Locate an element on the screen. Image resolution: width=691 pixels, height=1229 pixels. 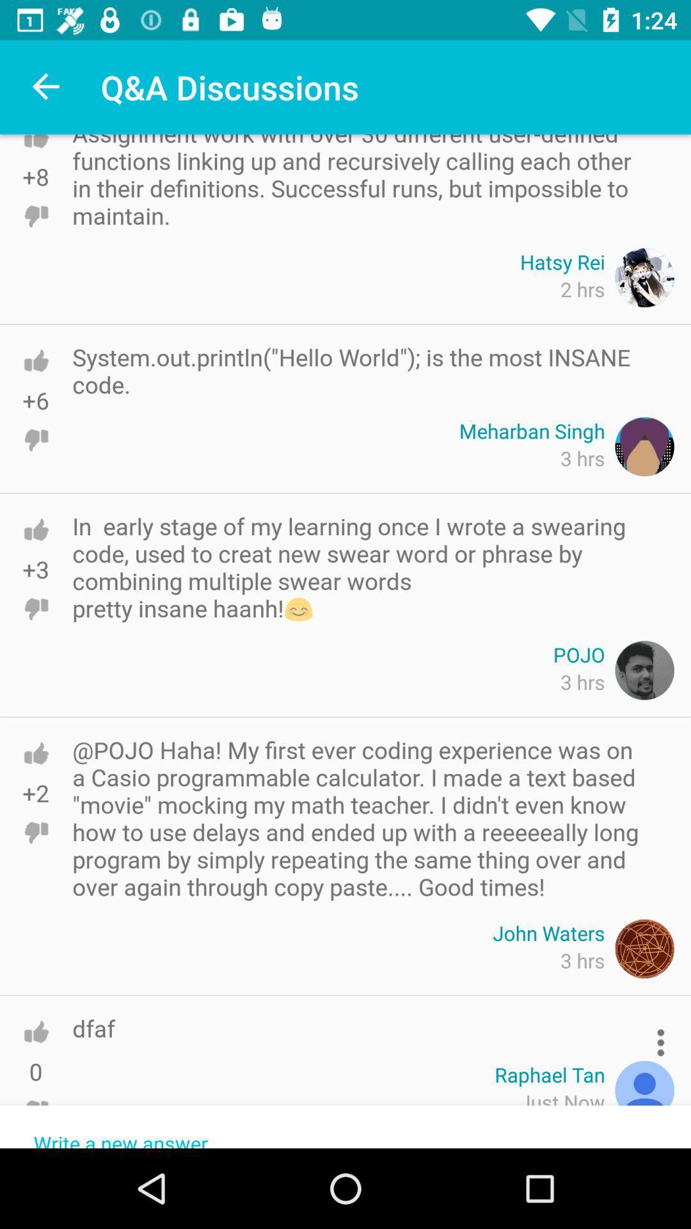
chat is located at coordinates (35, 360).